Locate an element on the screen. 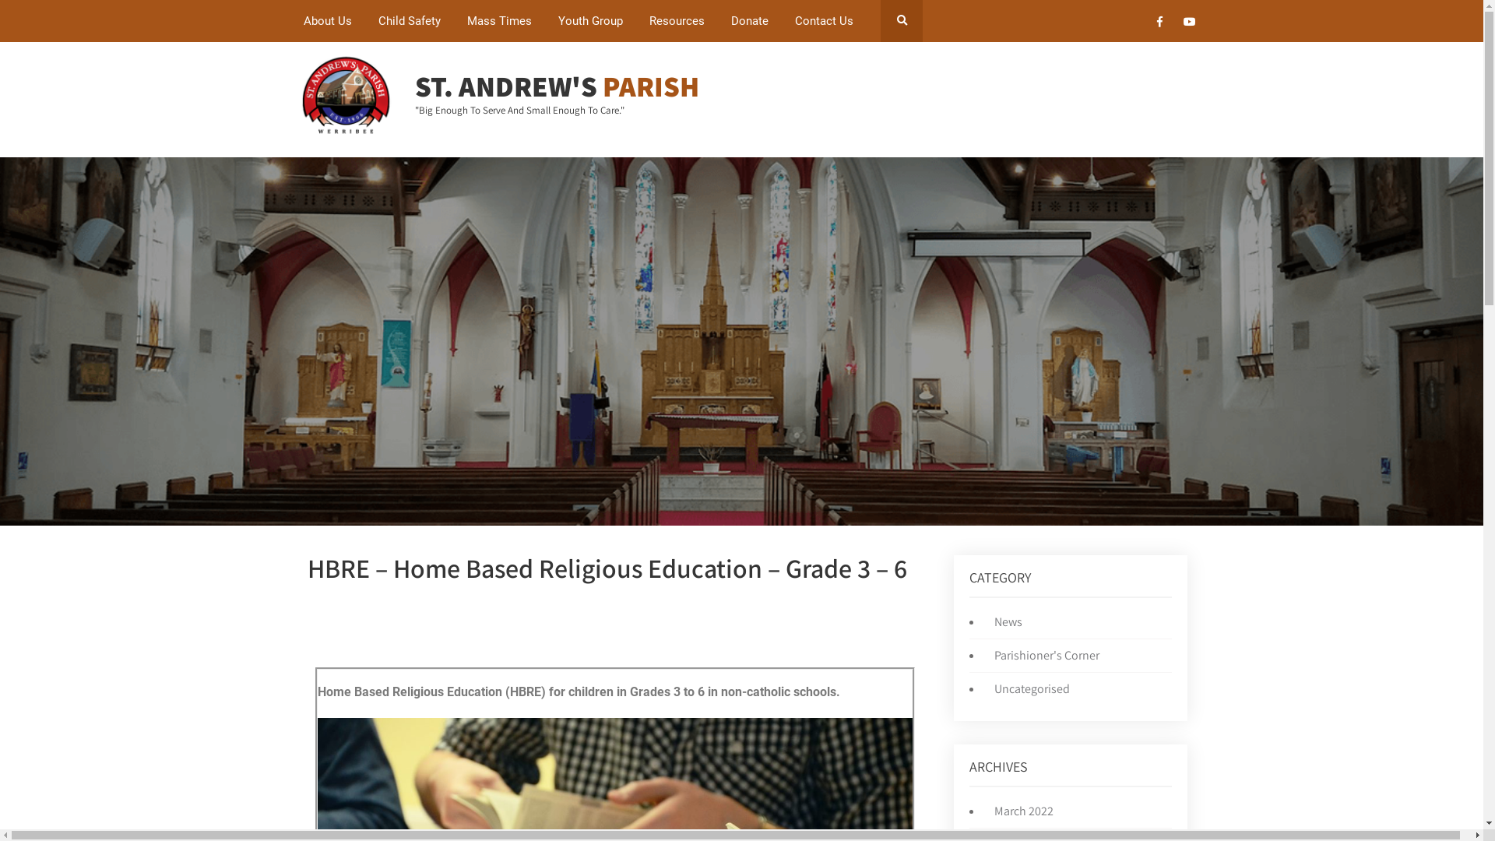 Image resolution: width=1495 pixels, height=841 pixels. 'Resources' is located at coordinates (677, 21).